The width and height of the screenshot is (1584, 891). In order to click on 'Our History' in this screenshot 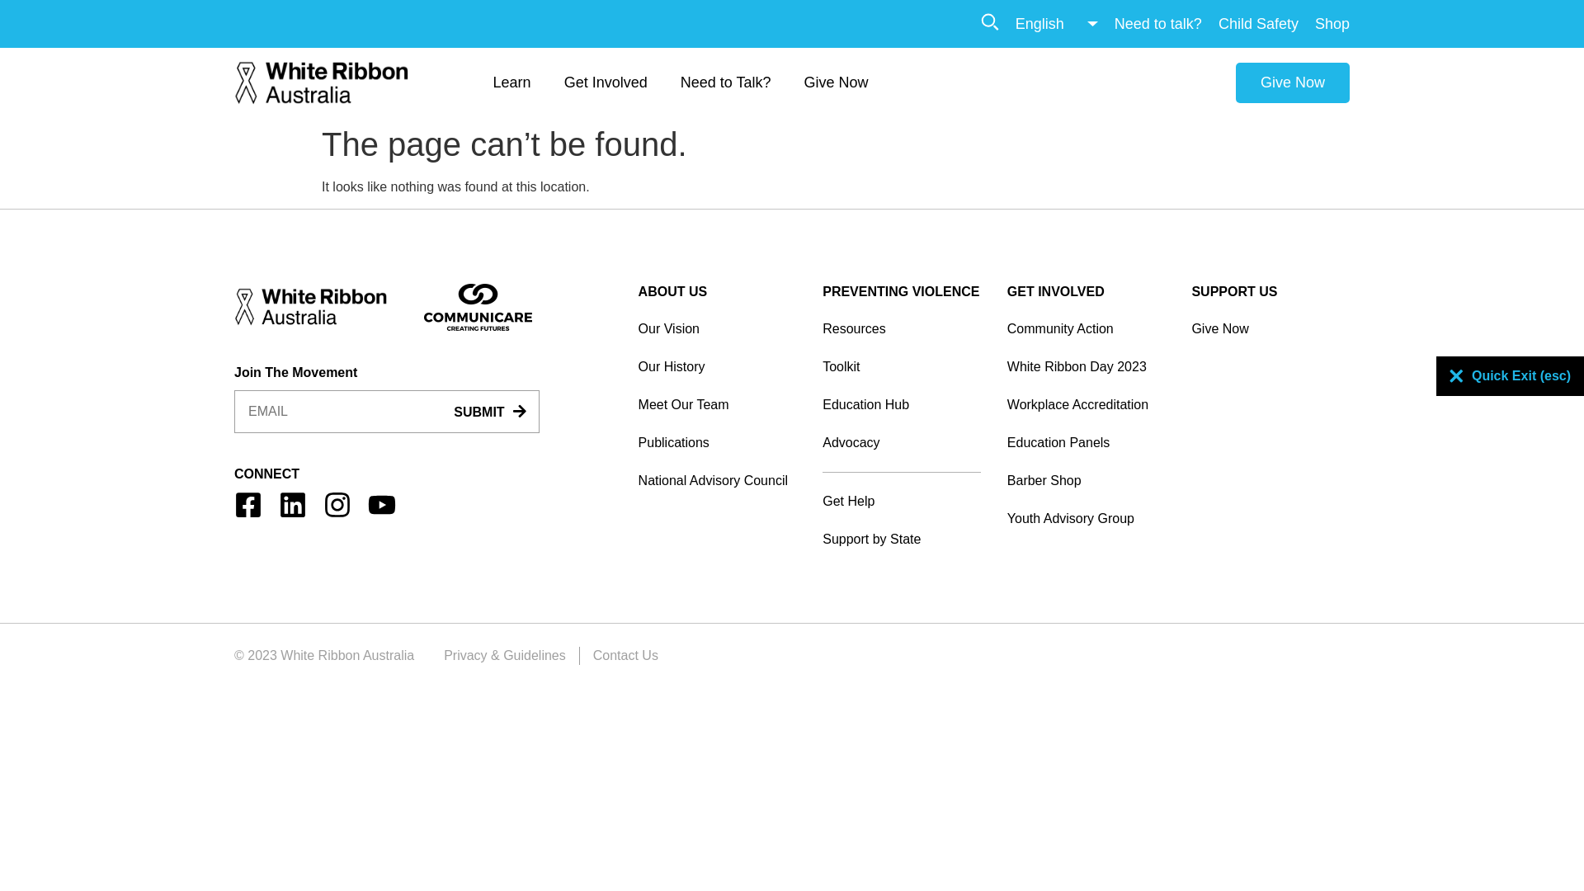, I will do `click(717, 365)`.